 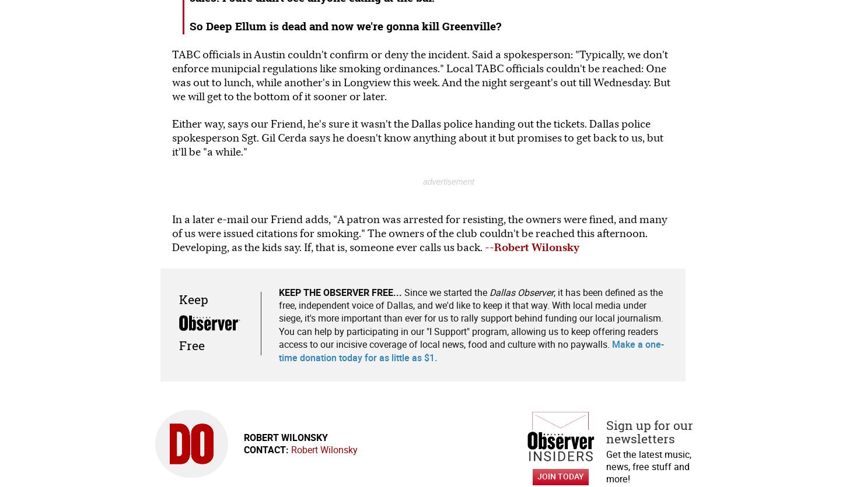 I want to click on 'So Deep Ellum is dead and now we're gonna kill Greenville?', so click(x=345, y=25).